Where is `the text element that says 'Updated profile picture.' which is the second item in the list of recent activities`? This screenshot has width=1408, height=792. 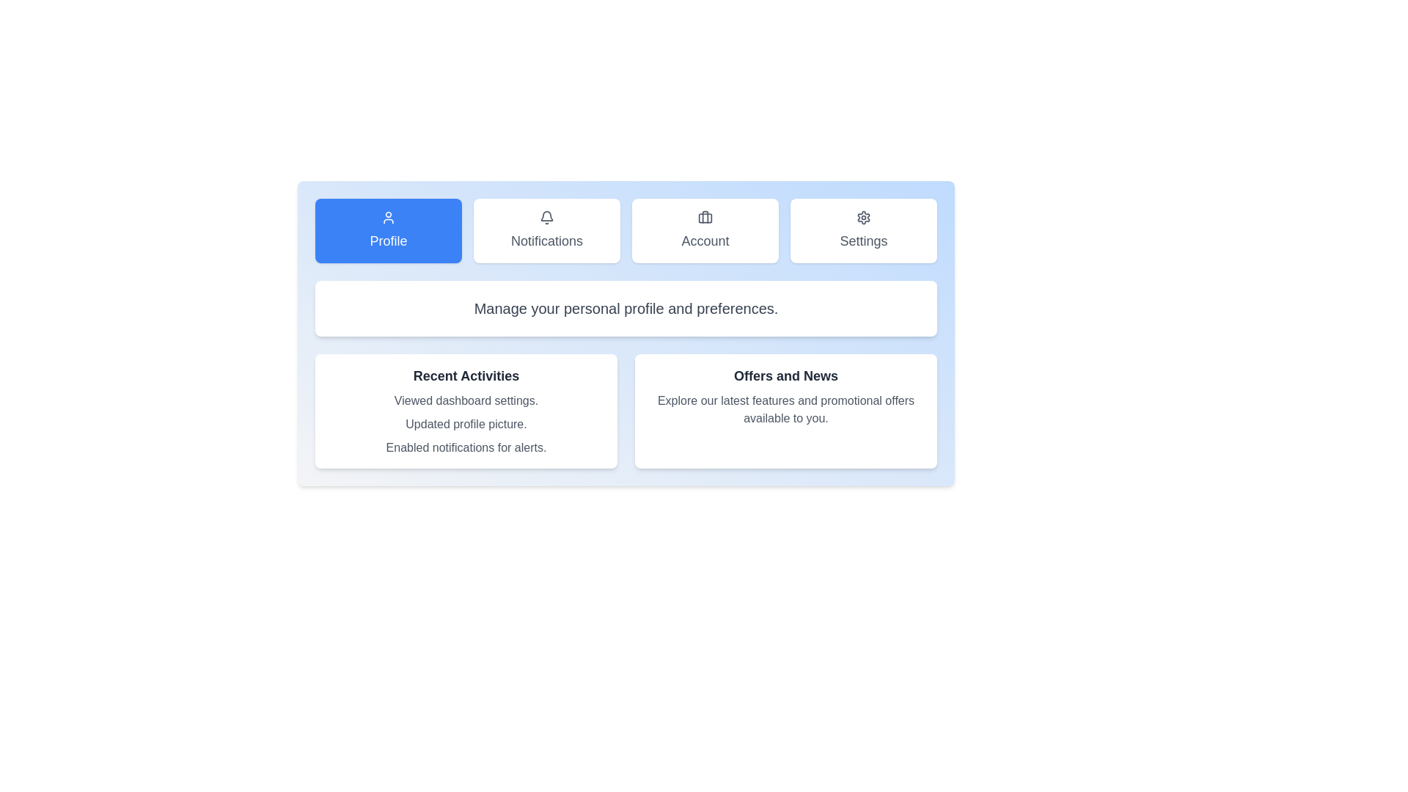 the text element that says 'Updated profile picture.' which is the second item in the list of recent activities is located at coordinates (465, 424).